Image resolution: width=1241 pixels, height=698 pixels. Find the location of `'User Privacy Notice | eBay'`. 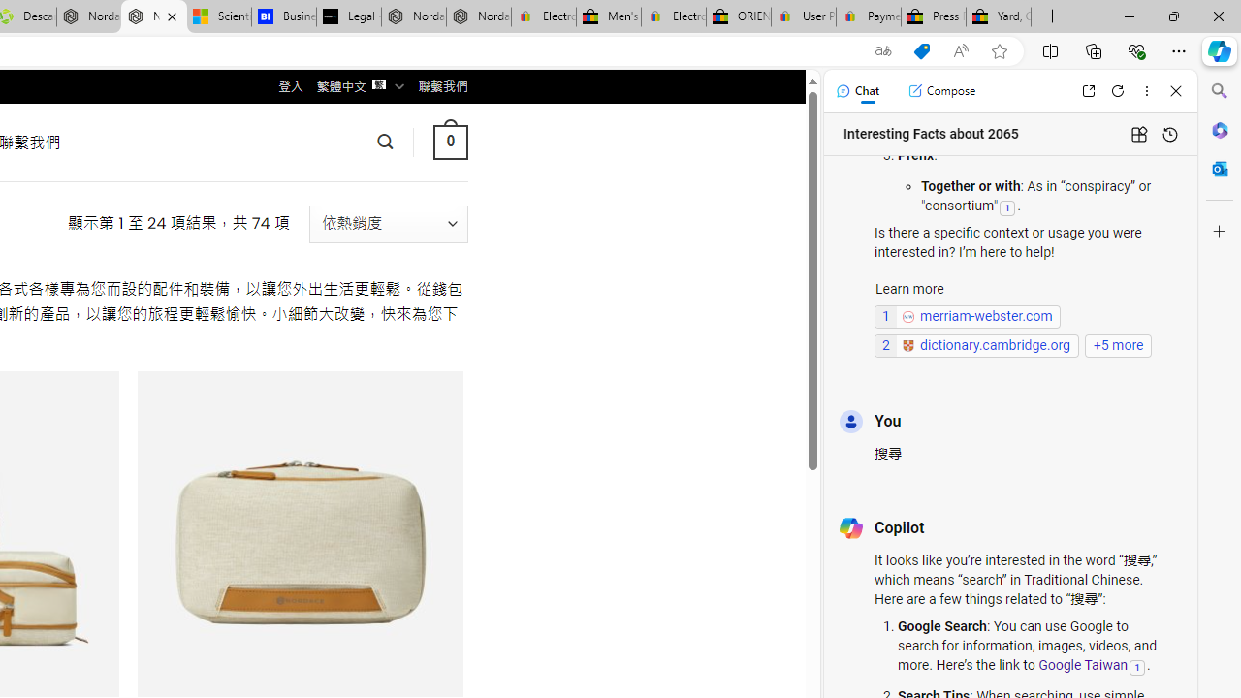

'User Privacy Notice | eBay' is located at coordinates (803, 16).